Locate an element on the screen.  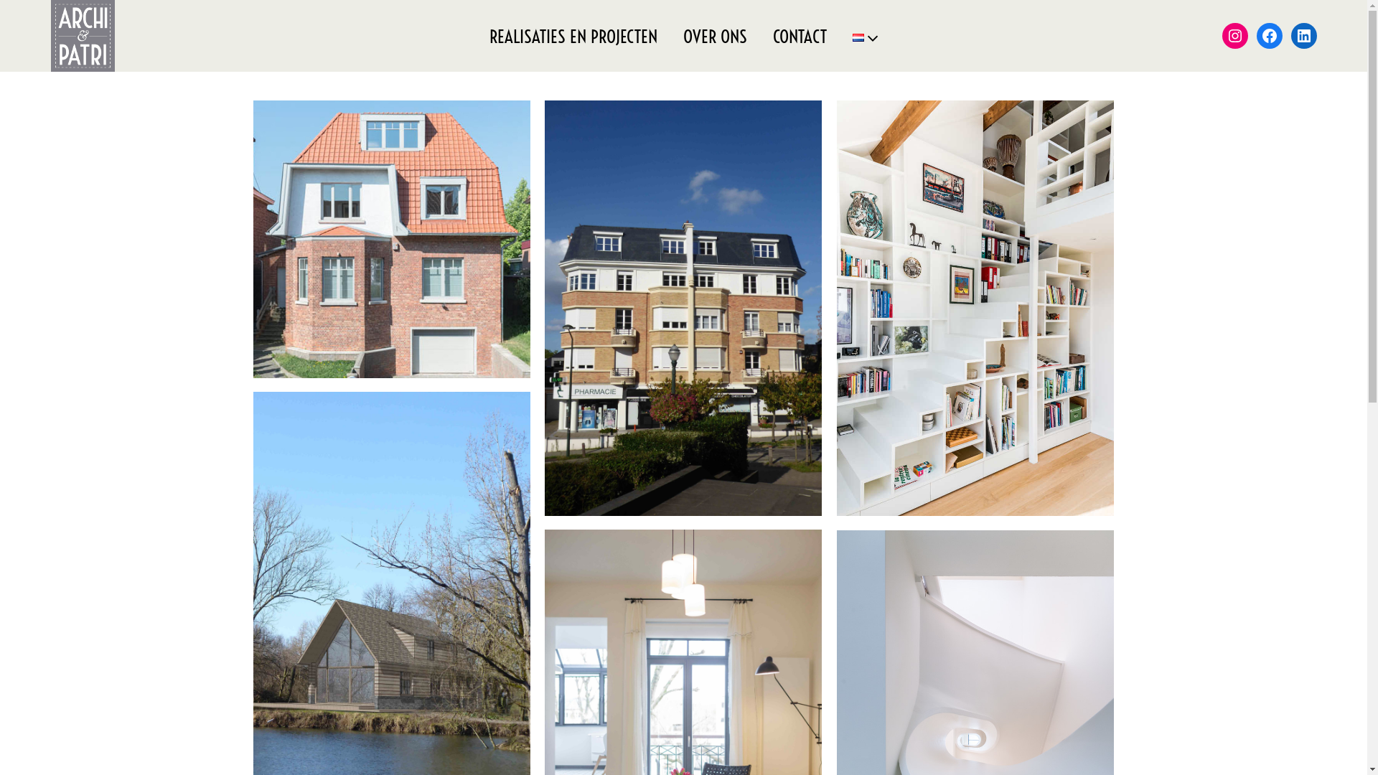
'OVER ONS' is located at coordinates (715, 34).